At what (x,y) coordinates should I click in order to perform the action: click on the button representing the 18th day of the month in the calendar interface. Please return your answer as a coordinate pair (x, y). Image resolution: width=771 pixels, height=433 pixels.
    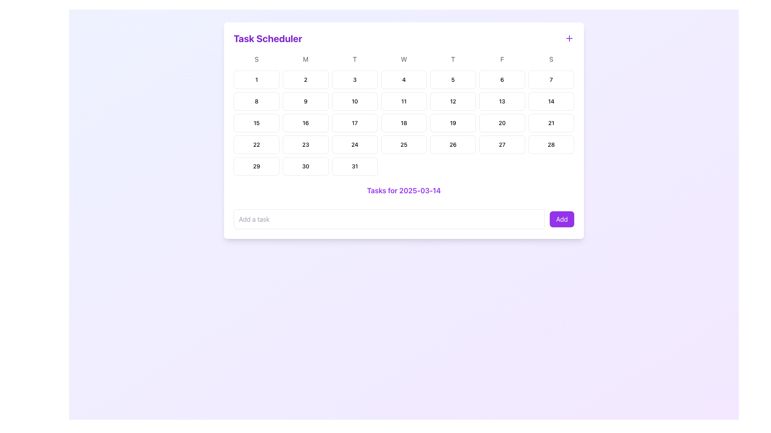
    Looking at the image, I should click on (404, 123).